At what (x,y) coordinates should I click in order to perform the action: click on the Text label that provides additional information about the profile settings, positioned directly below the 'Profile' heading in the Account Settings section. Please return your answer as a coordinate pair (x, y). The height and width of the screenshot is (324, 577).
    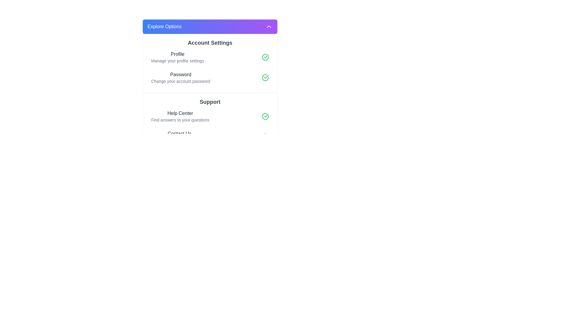
    Looking at the image, I should click on (177, 61).